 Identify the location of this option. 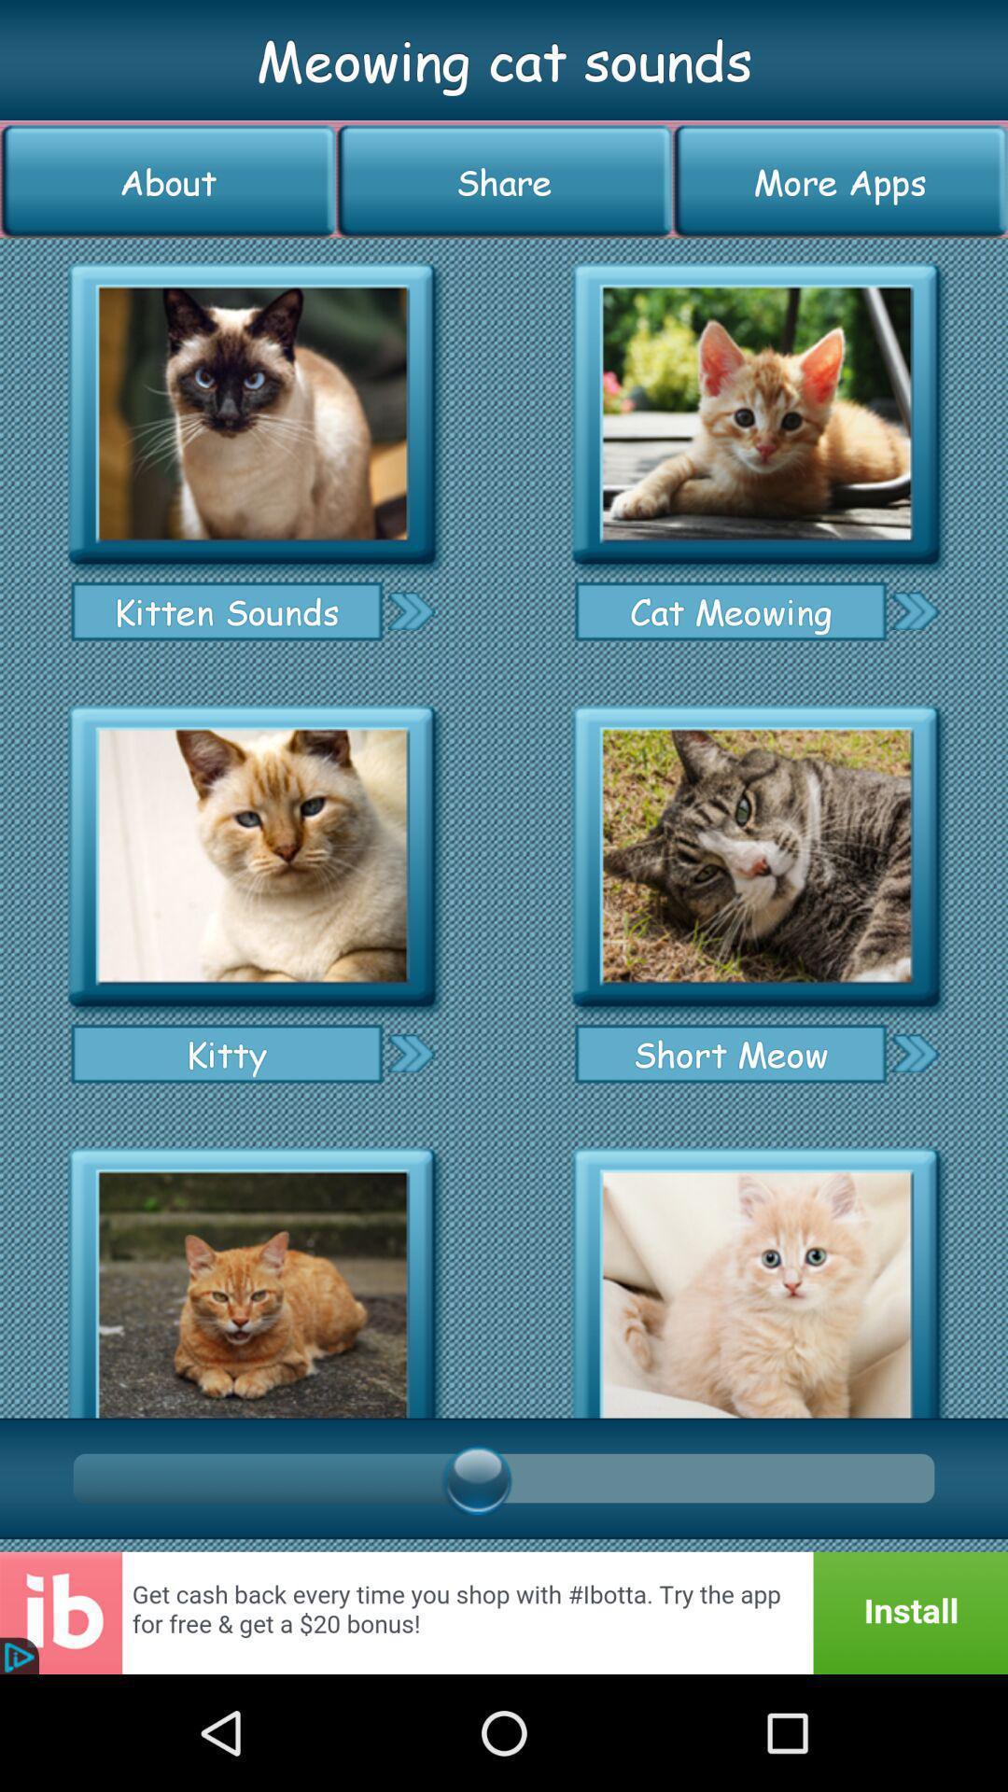
(252, 413).